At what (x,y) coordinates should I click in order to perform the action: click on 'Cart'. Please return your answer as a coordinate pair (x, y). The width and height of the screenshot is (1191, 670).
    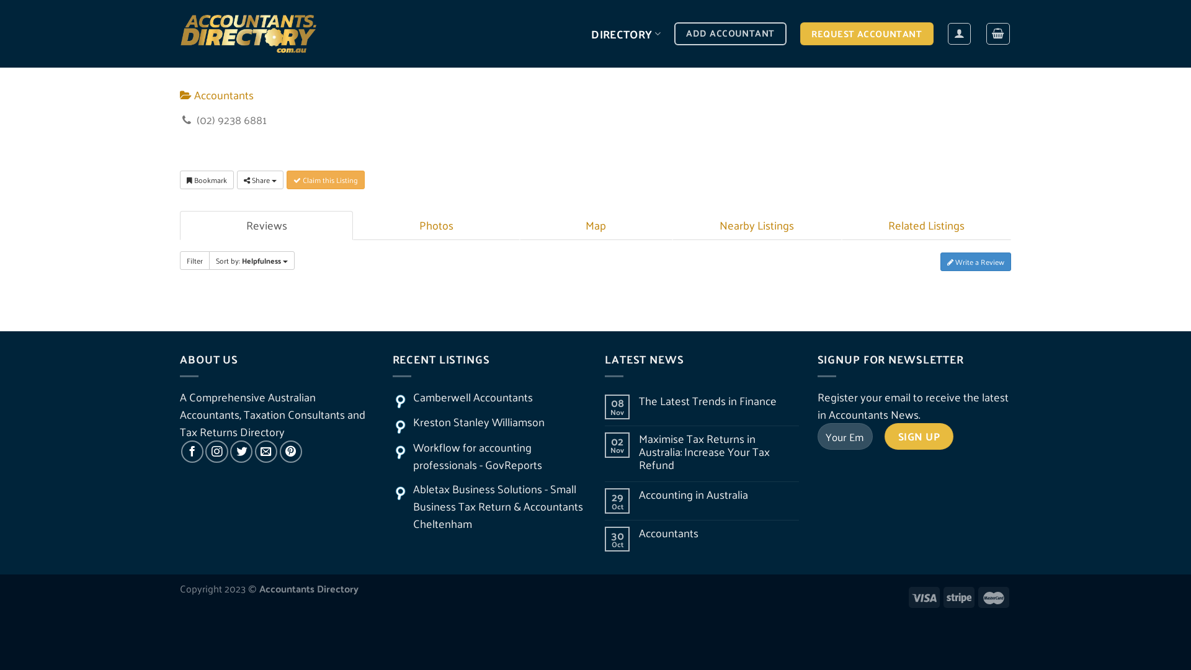
    Looking at the image, I should click on (997, 33).